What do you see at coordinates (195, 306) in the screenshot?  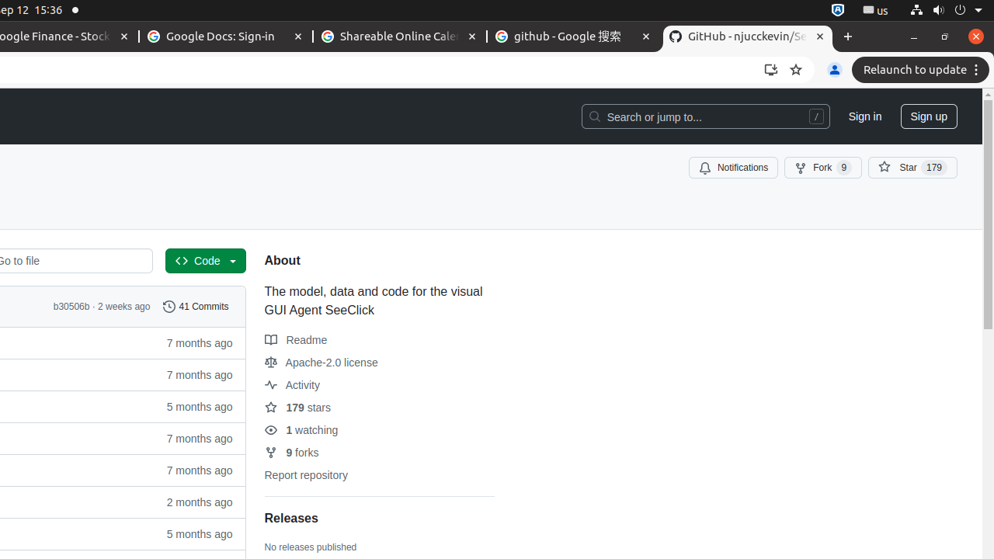 I see `'41 Commits'` at bounding box center [195, 306].